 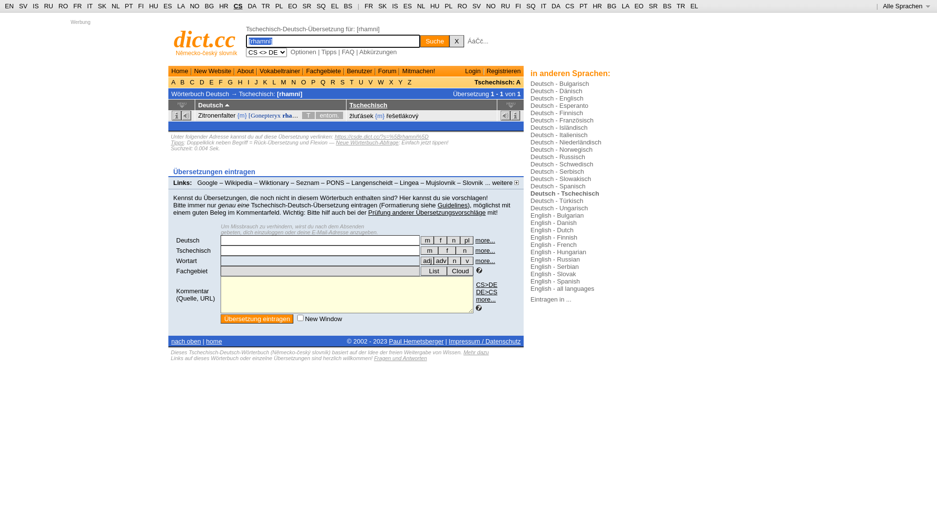 What do you see at coordinates (475, 299) in the screenshot?
I see `'more...'` at bounding box center [475, 299].